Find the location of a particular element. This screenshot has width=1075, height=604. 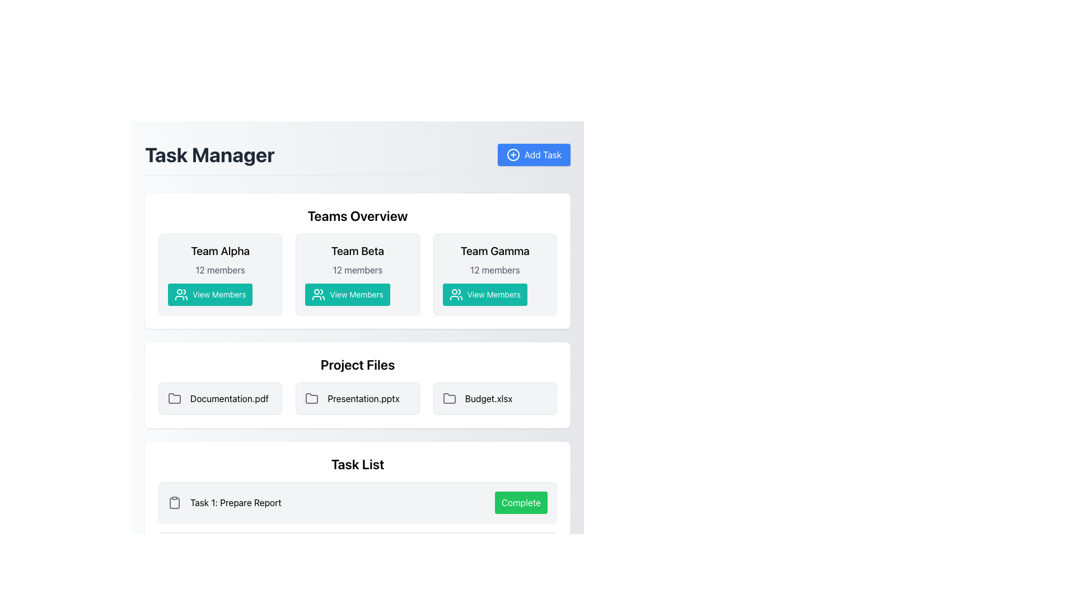

the 'Project Files' header text, which is bold and large, located at the top of a rectangular white box under the 'Teams Overview' section is located at coordinates (357, 364).